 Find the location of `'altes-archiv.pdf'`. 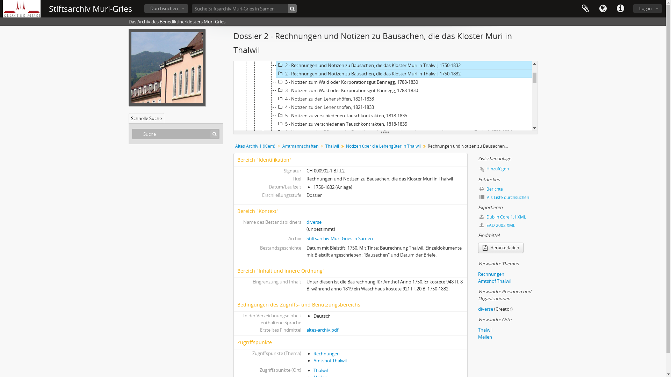

'altes-archiv.pdf' is located at coordinates (322, 330).